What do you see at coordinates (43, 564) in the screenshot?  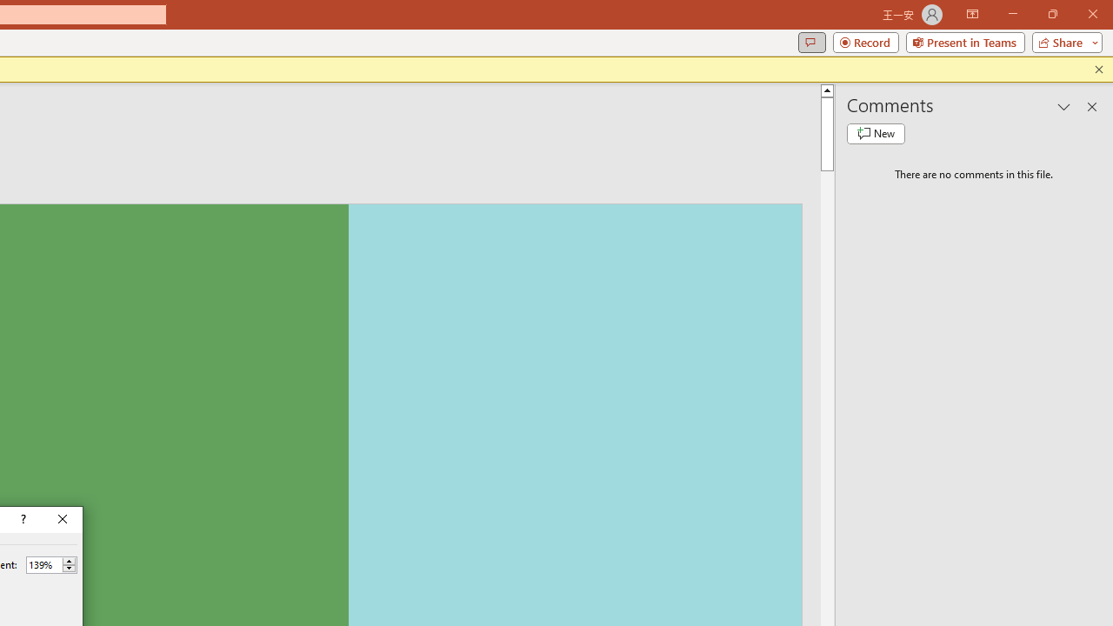 I see `'Percent'` at bounding box center [43, 564].